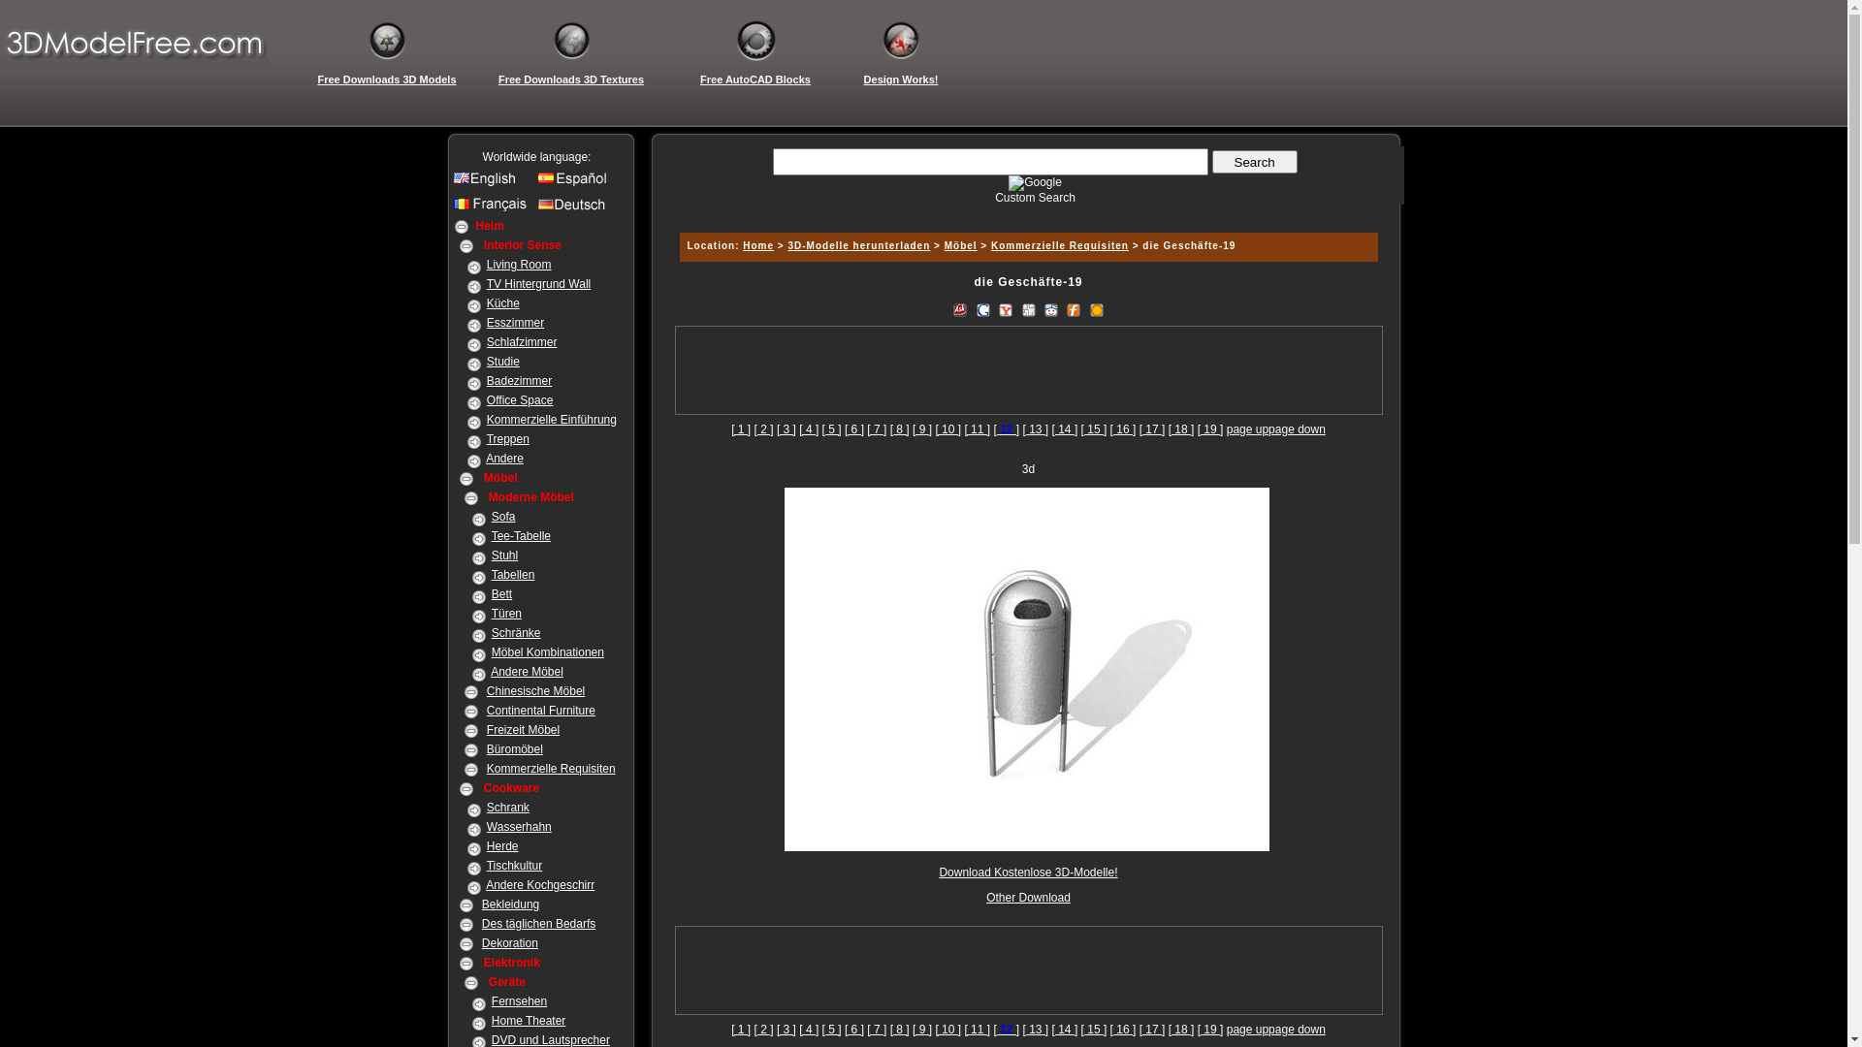 The height and width of the screenshot is (1047, 1862). Describe the element at coordinates (1064, 1028) in the screenshot. I see `'[ 14 ]'` at that location.